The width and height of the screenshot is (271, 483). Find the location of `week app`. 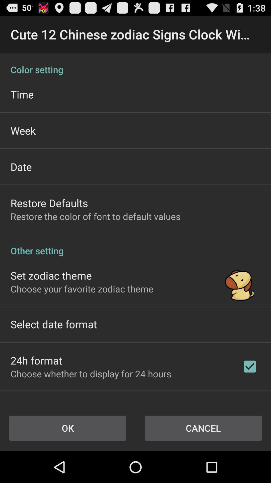

week app is located at coordinates (23, 130).